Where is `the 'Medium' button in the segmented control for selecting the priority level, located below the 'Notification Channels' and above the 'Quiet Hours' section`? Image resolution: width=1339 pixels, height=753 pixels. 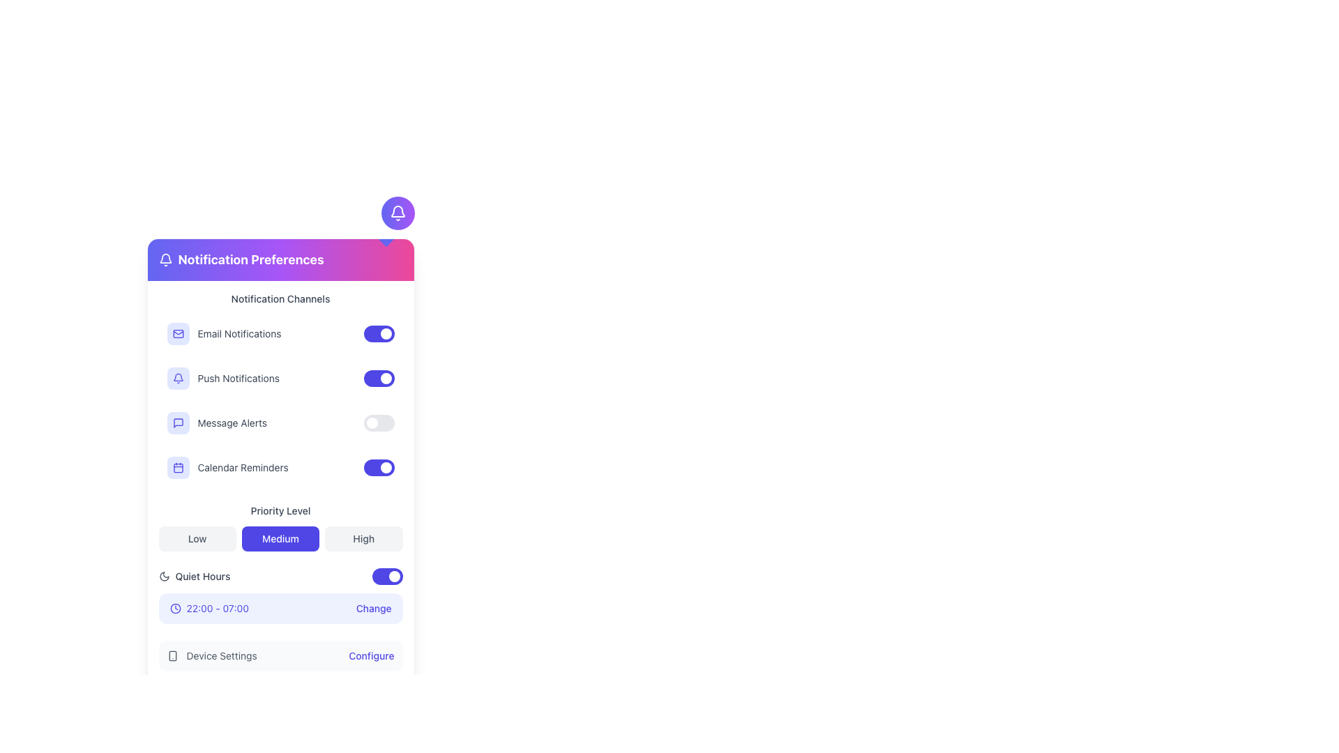 the 'Medium' button in the segmented control for selecting the priority level, located below the 'Notification Channels' and above the 'Quiet Hours' section is located at coordinates (280, 527).